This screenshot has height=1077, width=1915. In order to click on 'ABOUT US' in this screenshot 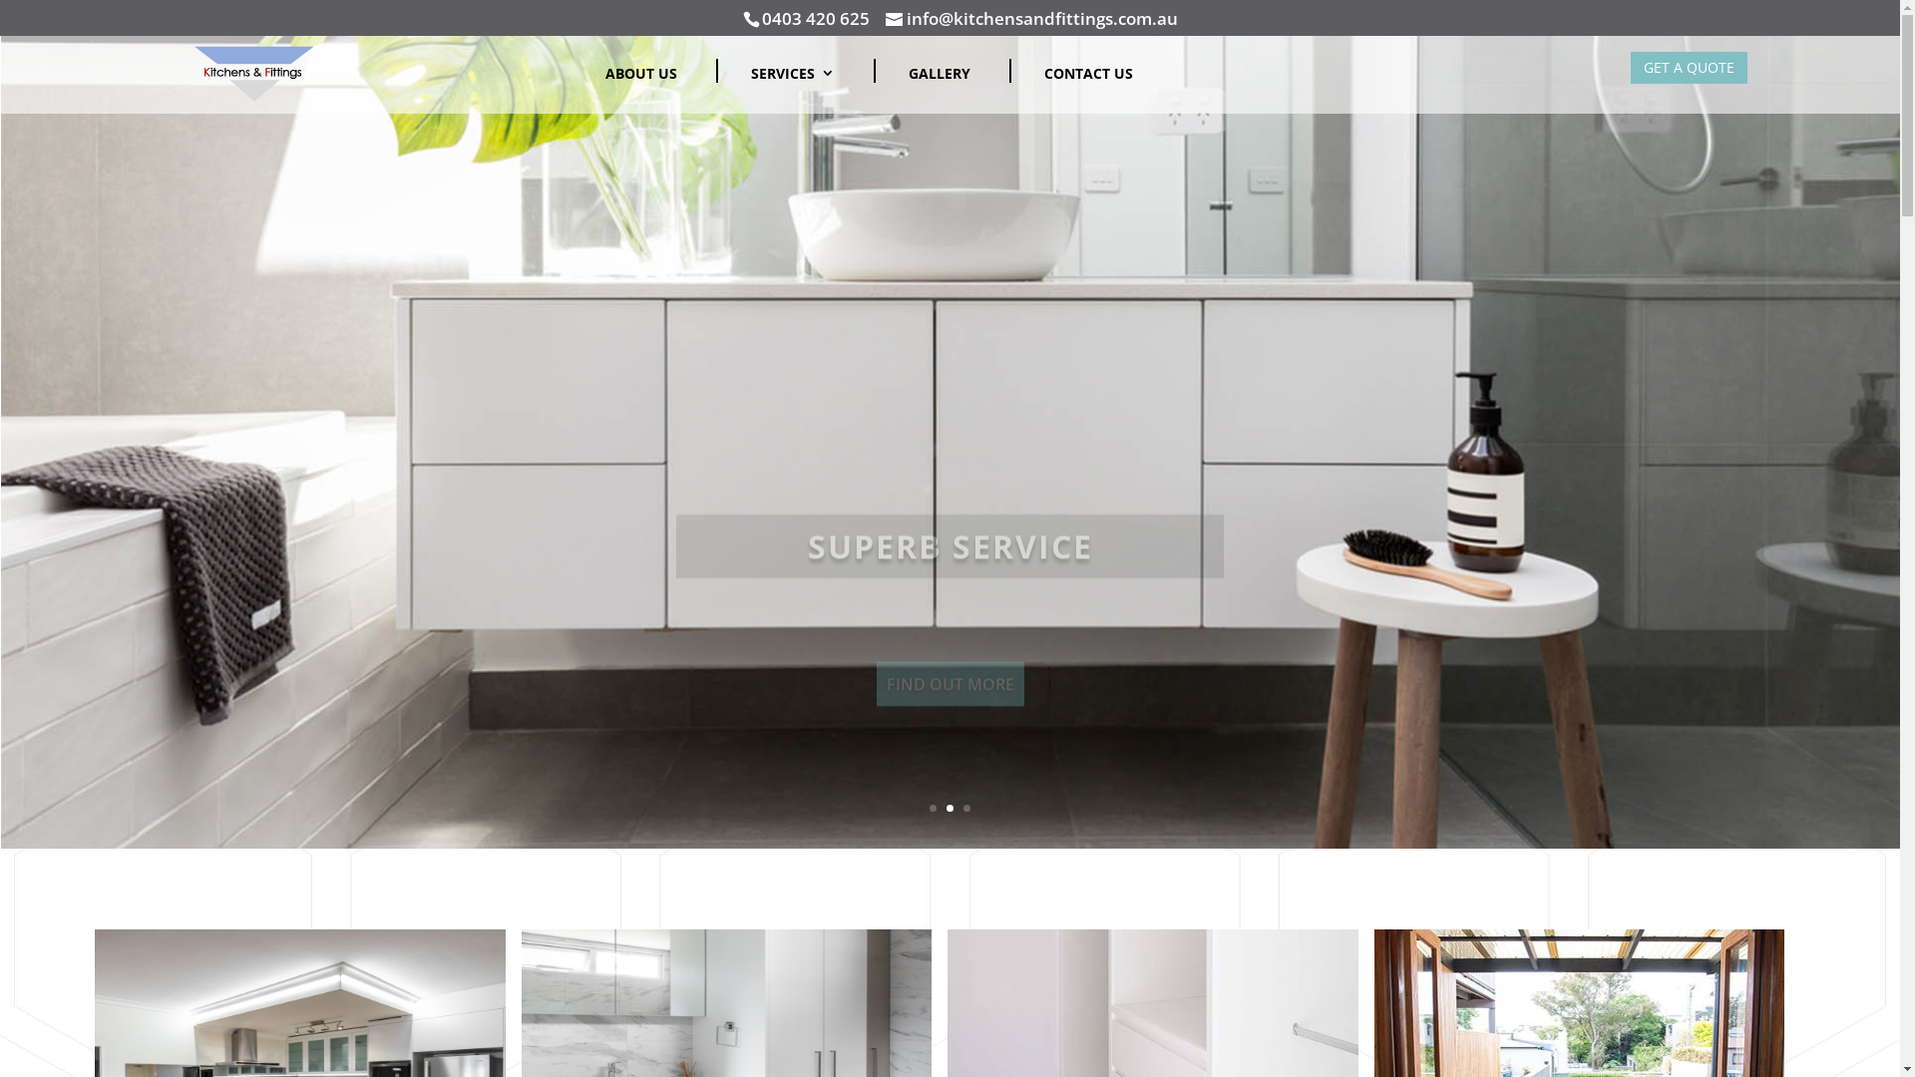, I will do `click(641, 88)`.